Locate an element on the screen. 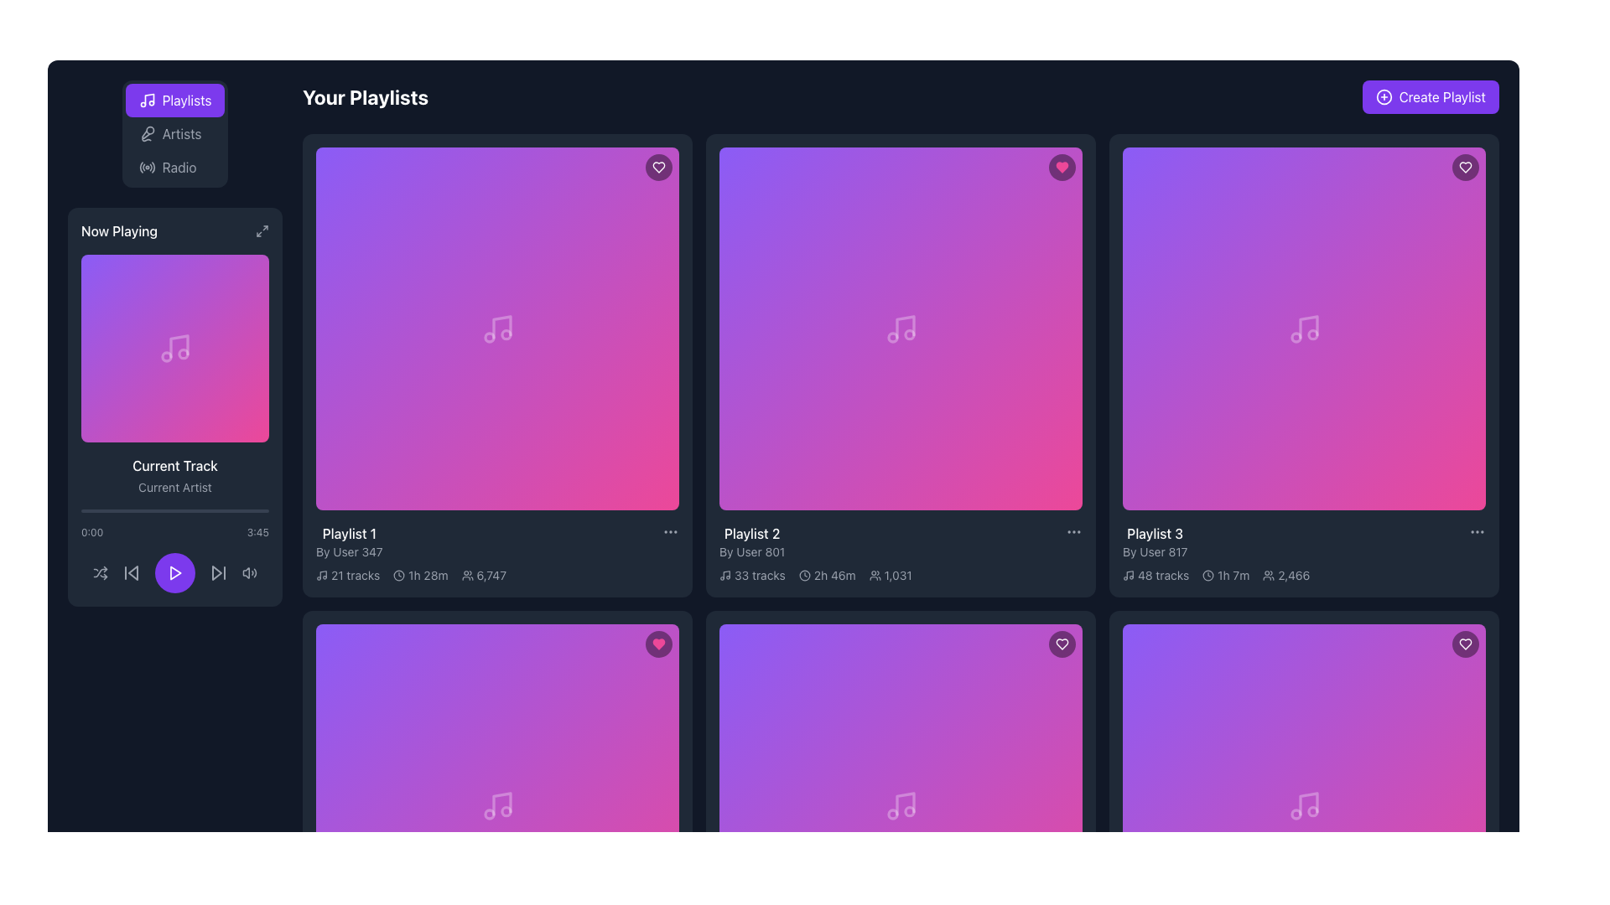 The image size is (1610, 905). the text label that indicates the number of tracks within the first playlist card, which is located beneath the playlist title and user information, to the immediate right of the music icon is located at coordinates (355, 574).